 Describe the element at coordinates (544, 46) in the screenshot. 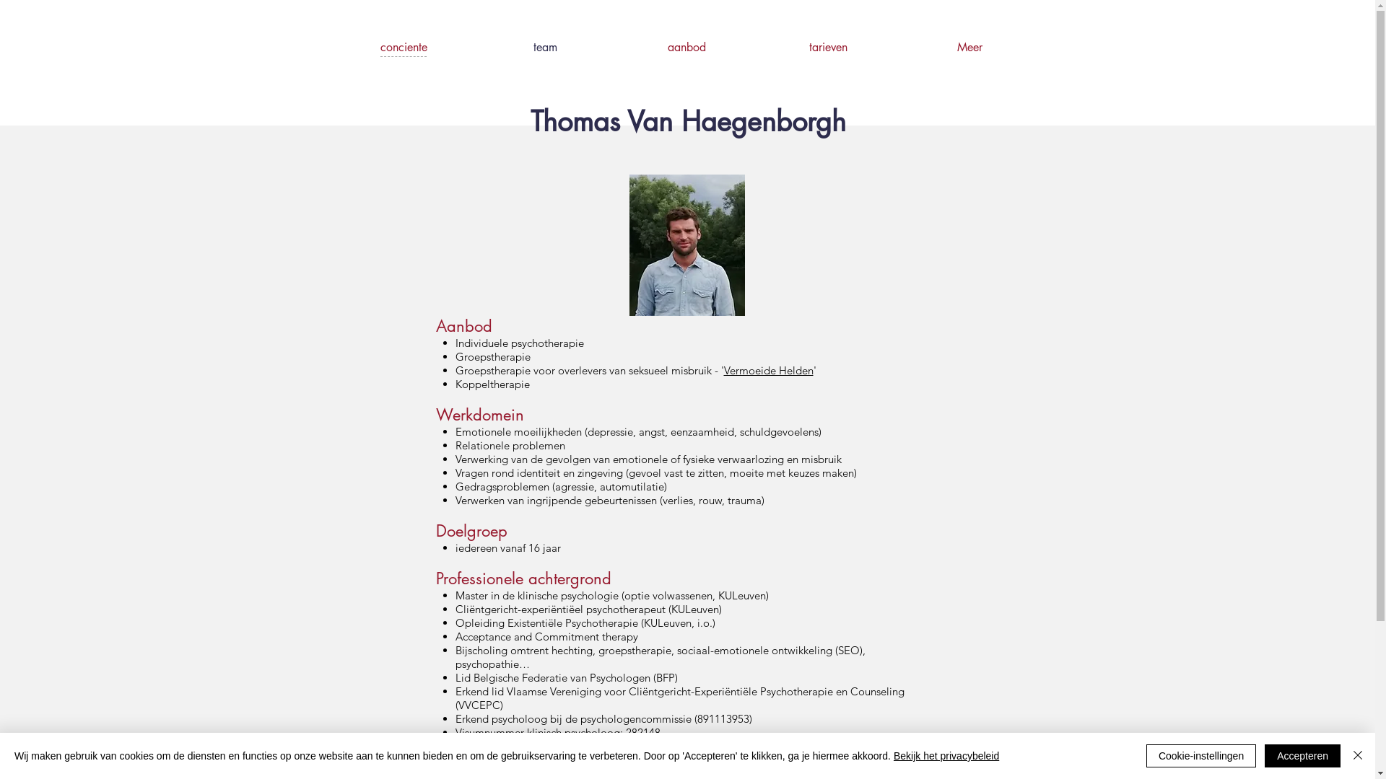

I see `'team'` at that location.